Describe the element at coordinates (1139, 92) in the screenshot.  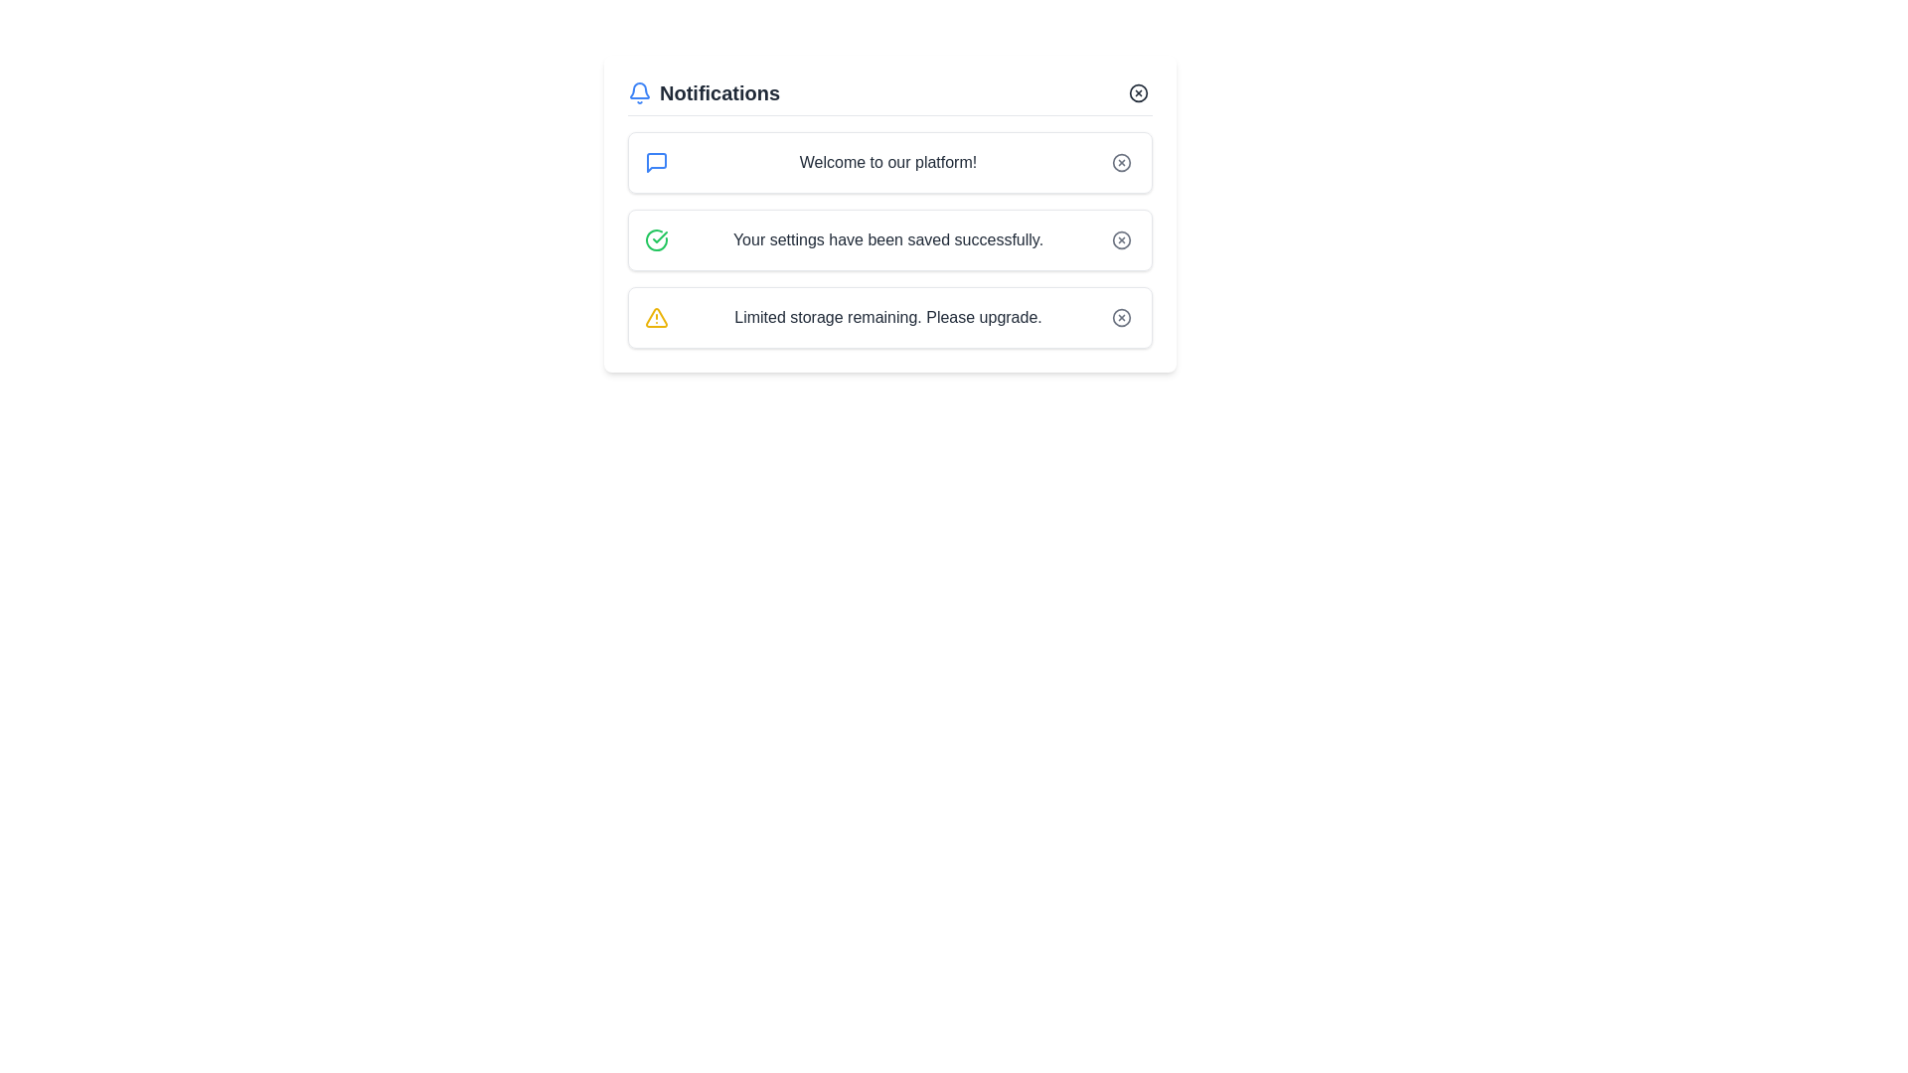
I see `the circular button with a cross icon located in the top-right corner of the notification section, right of the 'Notifications' title to emphasize it` at that location.